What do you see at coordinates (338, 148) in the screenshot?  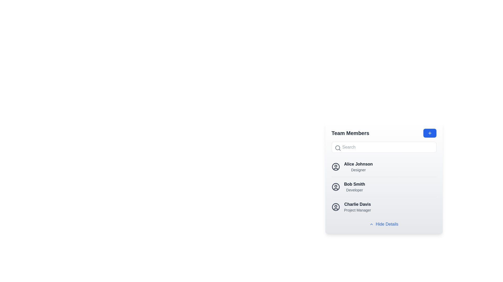 I see `the magnifying glass SVG icon located at the start of the search input field, which is styled in gray and used for search functionalities` at bounding box center [338, 148].